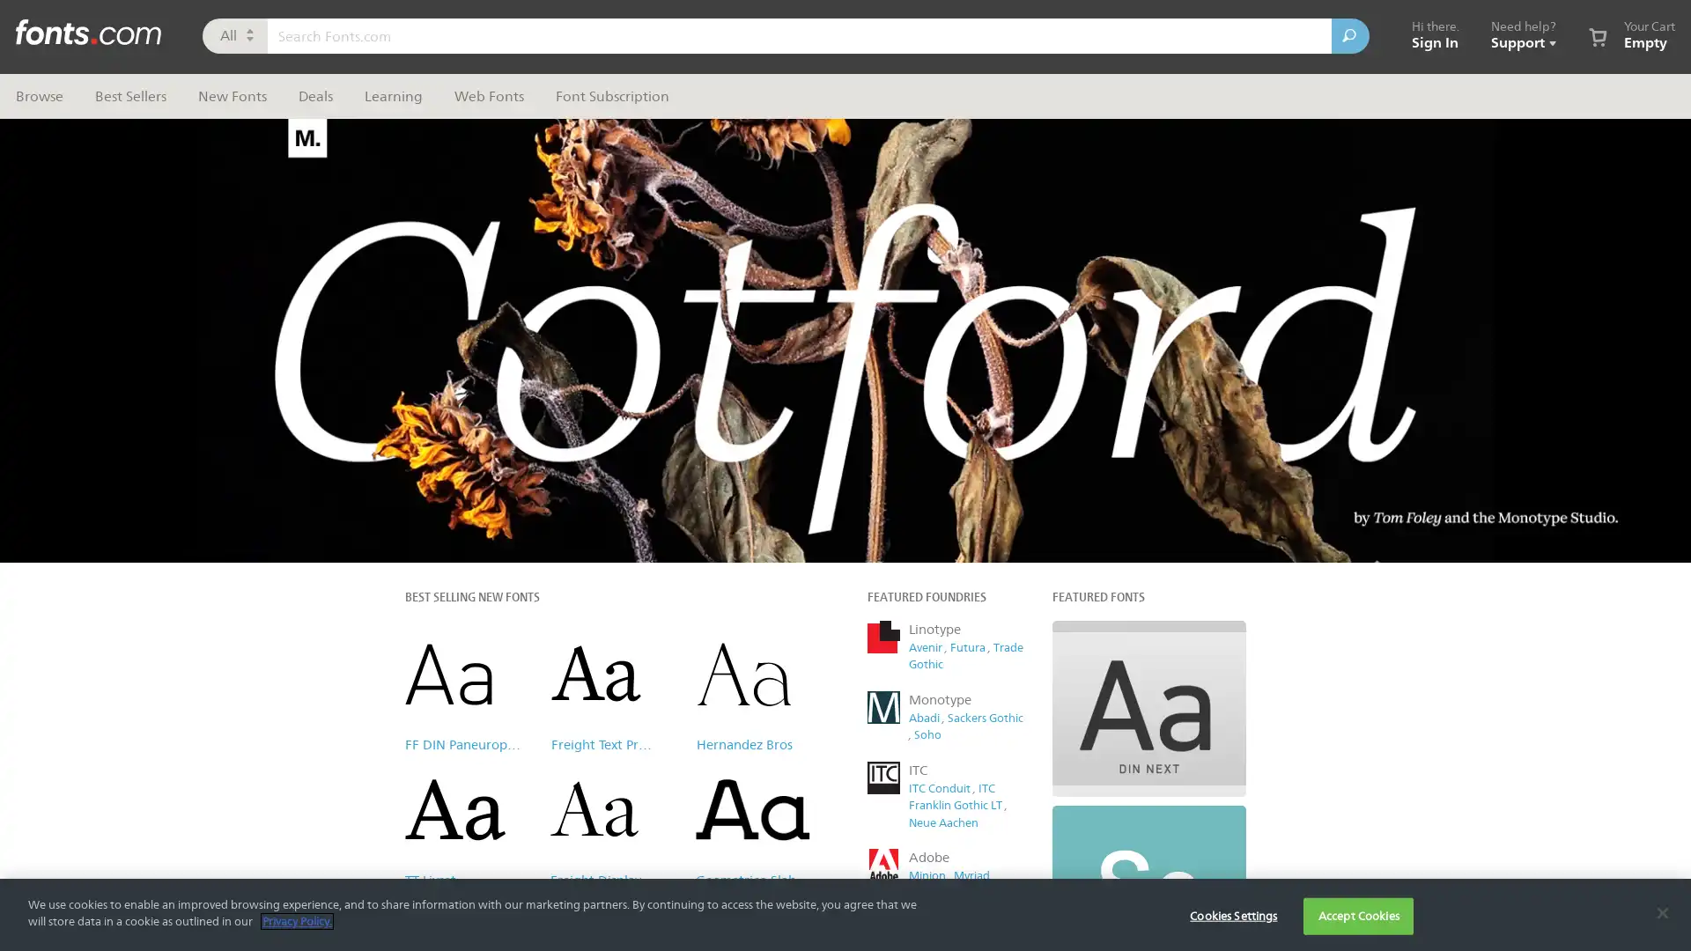  What do you see at coordinates (1357, 915) in the screenshot?
I see `Accept Cookies` at bounding box center [1357, 915].